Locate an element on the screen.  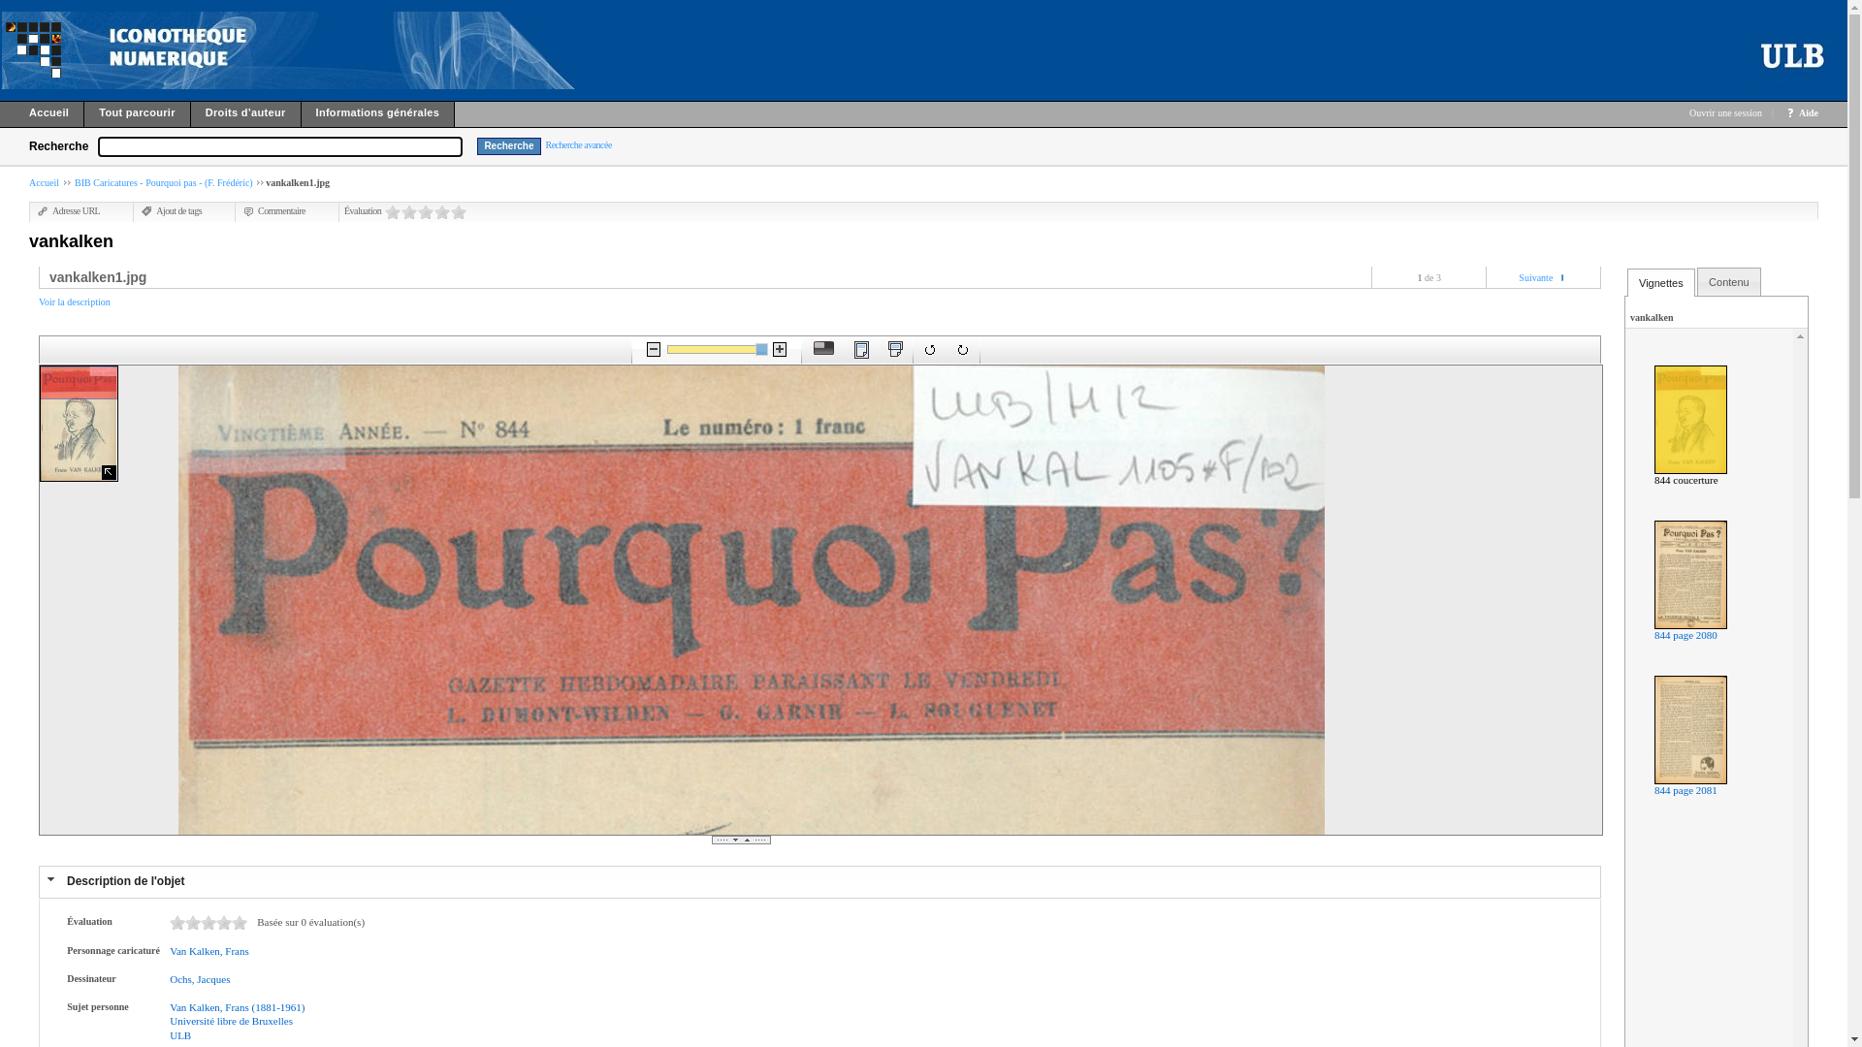
'Pivoter vers la droite' is located at coordinates (963, 350).